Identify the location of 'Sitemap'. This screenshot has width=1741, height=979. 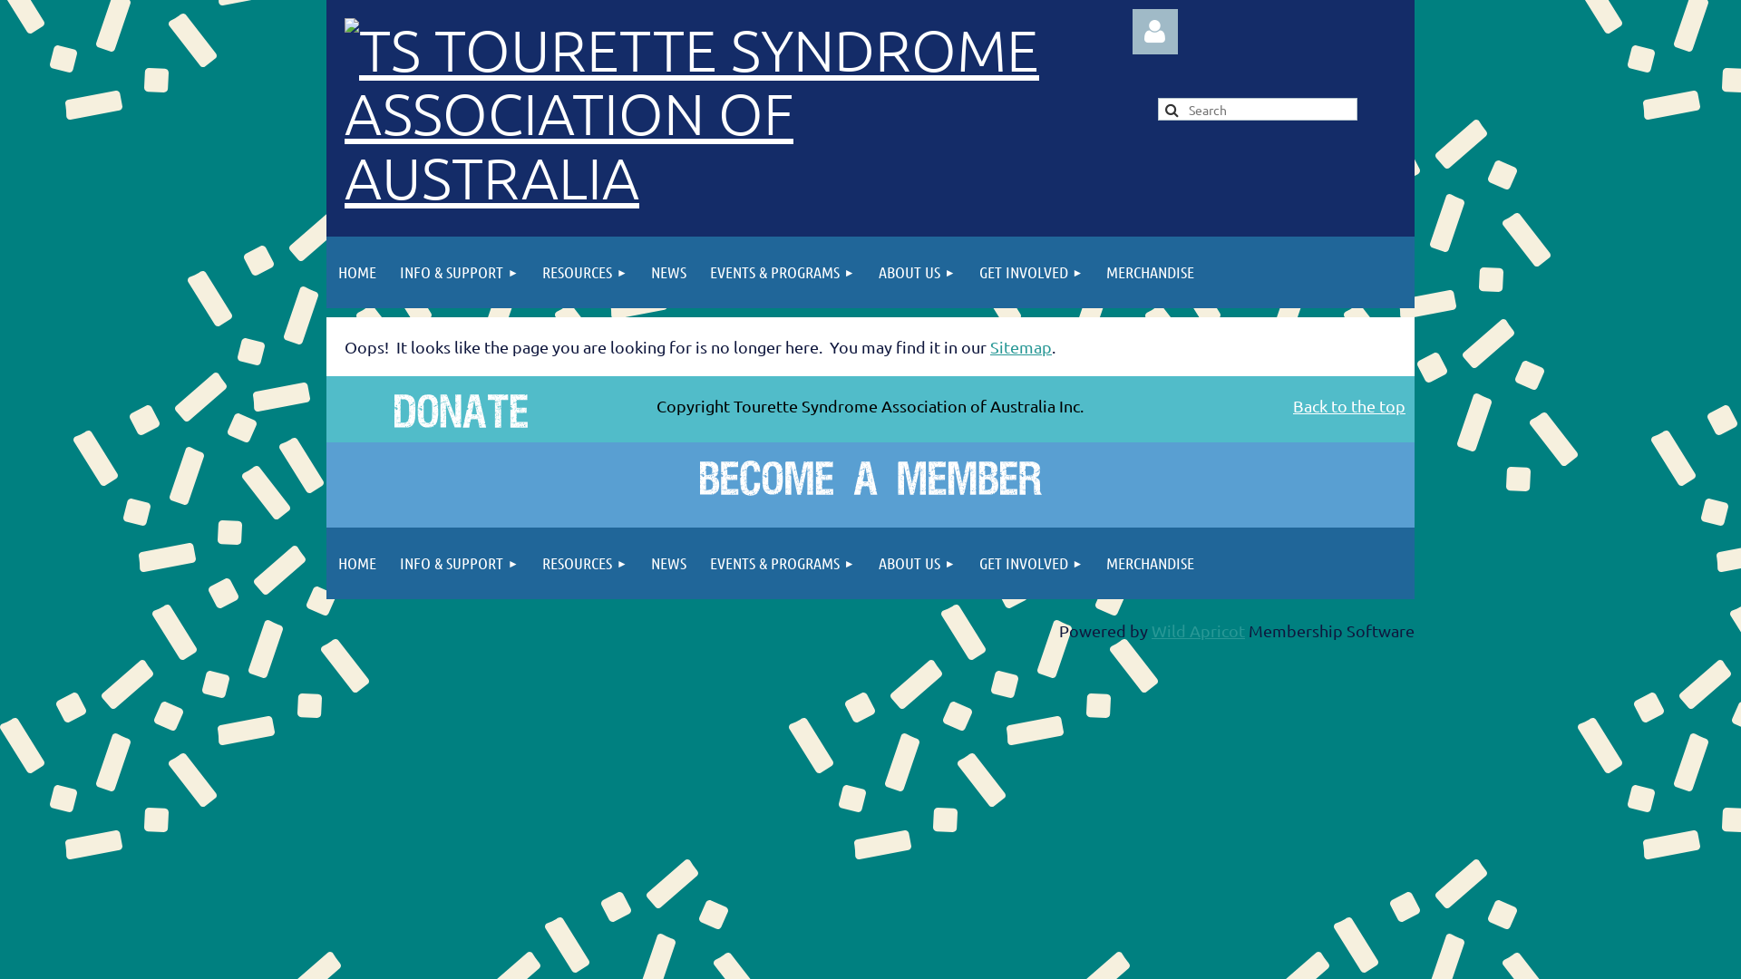
(988, 346).